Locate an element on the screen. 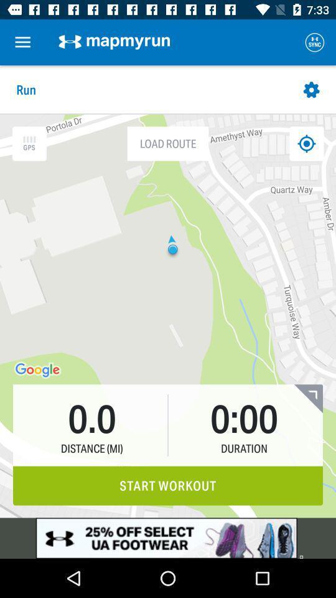 The width and height of the screenshot is (336, 598). the load route is located at coordinates (168, 143).